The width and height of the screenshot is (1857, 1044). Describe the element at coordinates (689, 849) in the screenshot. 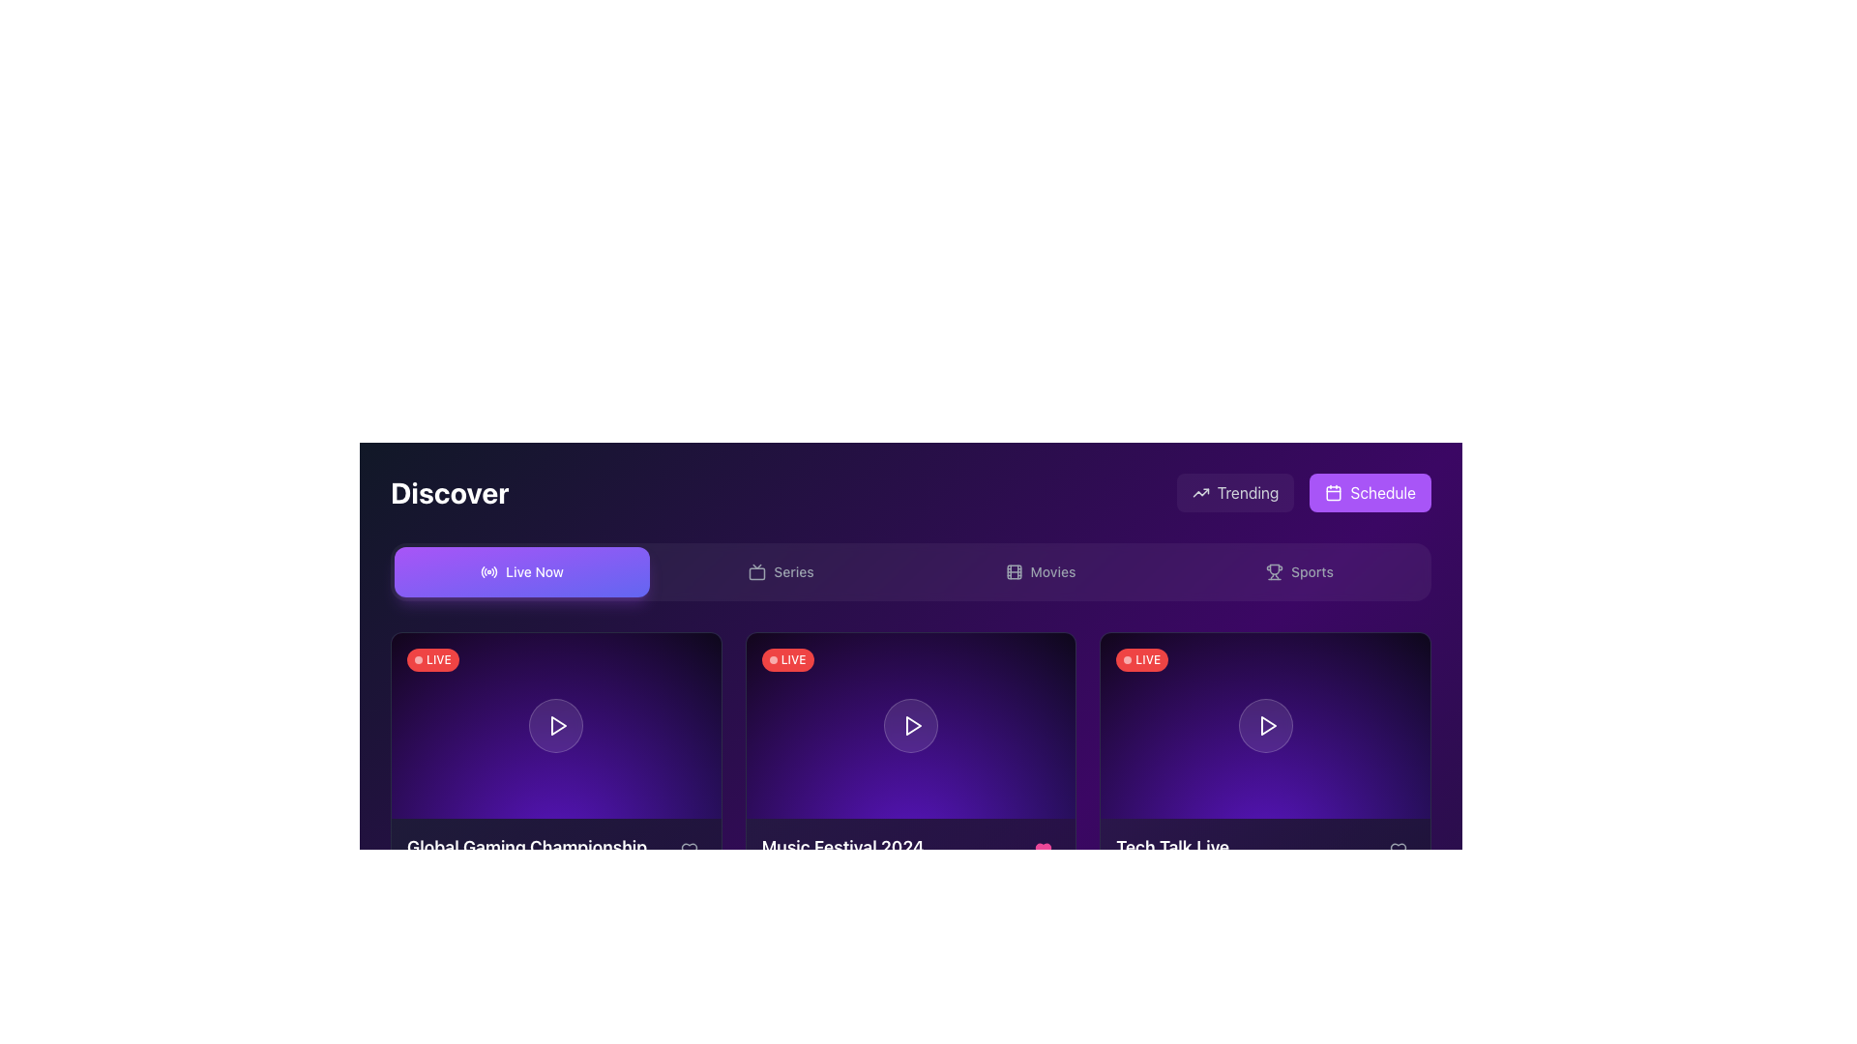

I see `the circular button with a light gray heart icon` at that location.